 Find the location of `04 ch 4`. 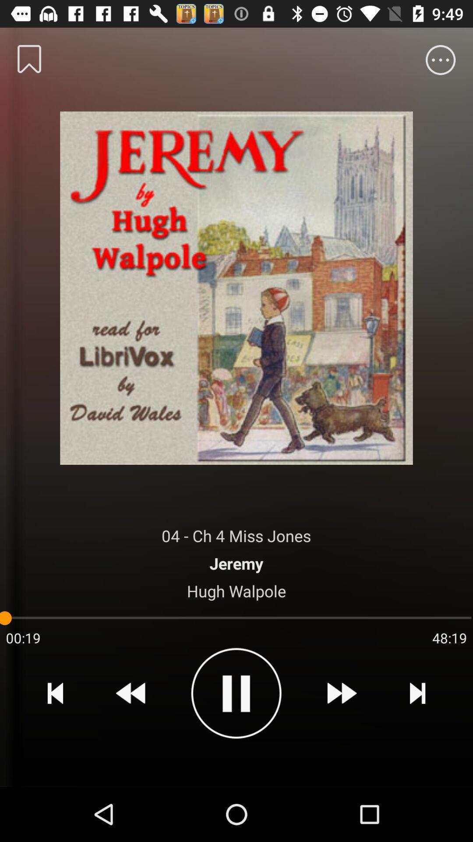

04 ch 4 is located at coordinates (236, 535).